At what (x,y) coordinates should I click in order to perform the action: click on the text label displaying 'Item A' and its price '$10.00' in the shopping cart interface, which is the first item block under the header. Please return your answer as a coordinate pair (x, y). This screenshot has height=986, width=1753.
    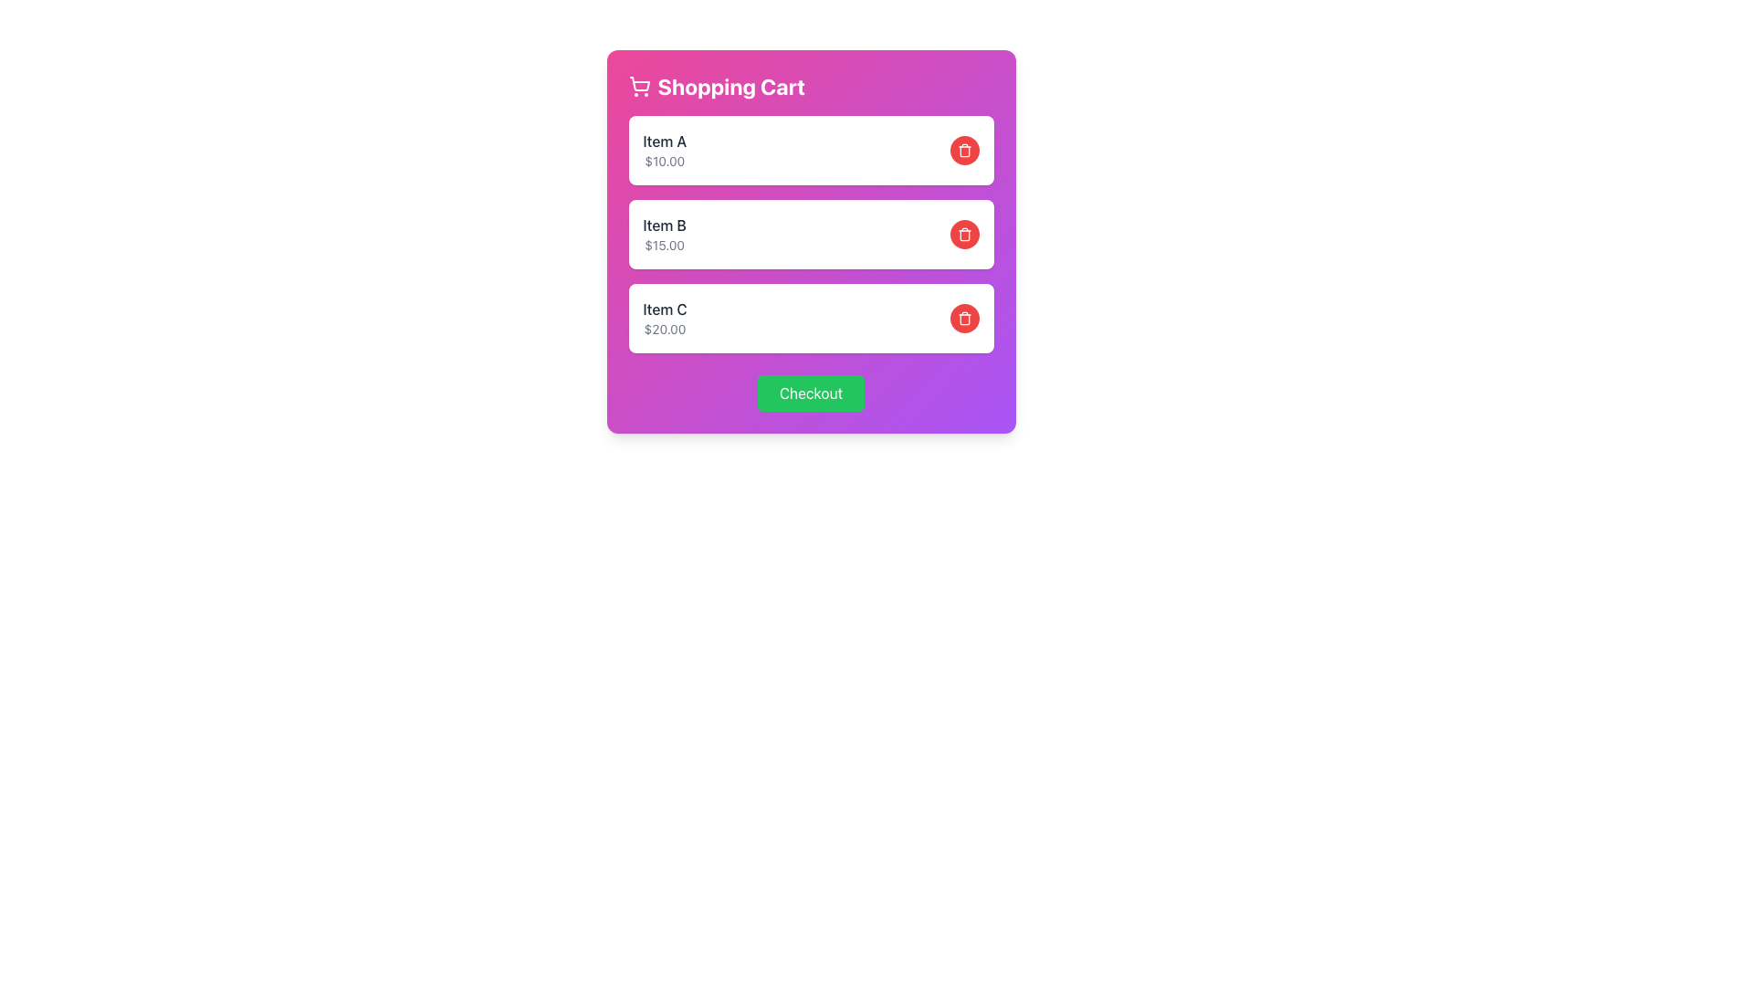
    Looking at the image, I should click on (664, 150).